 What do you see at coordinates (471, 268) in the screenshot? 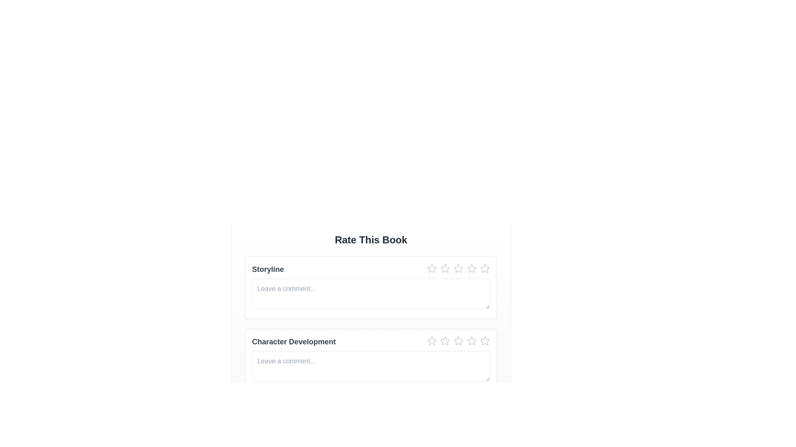
I see `the sixth outlined star-shaped icon, which is gray in color, in the horizontal rating bar` at bounding box center [471, 268].